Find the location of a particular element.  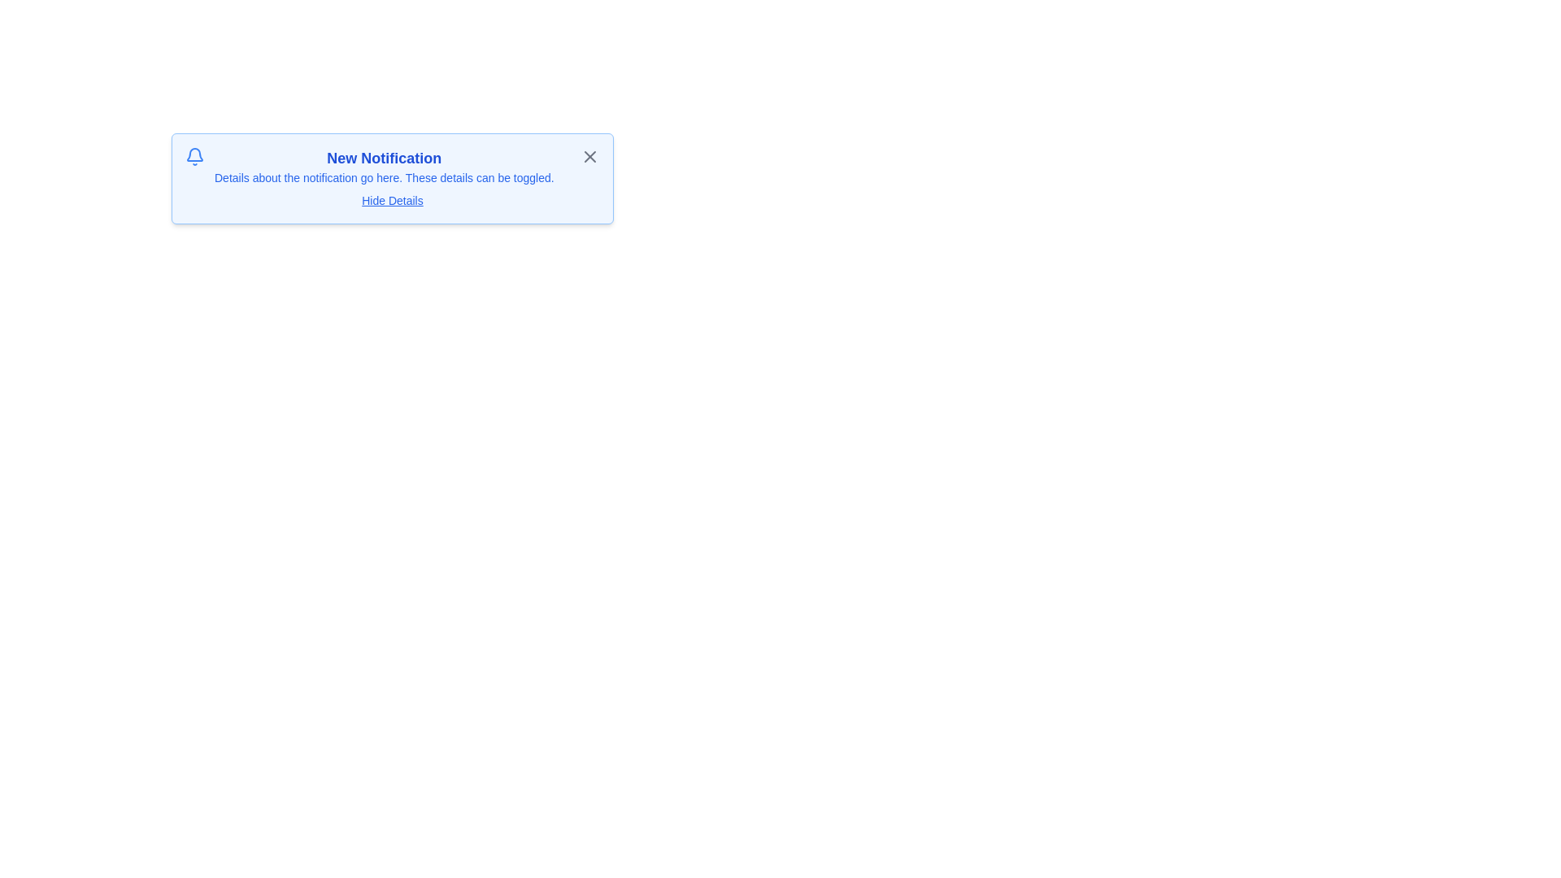

'X' button to close the notification is located at coordinates (589, 156).